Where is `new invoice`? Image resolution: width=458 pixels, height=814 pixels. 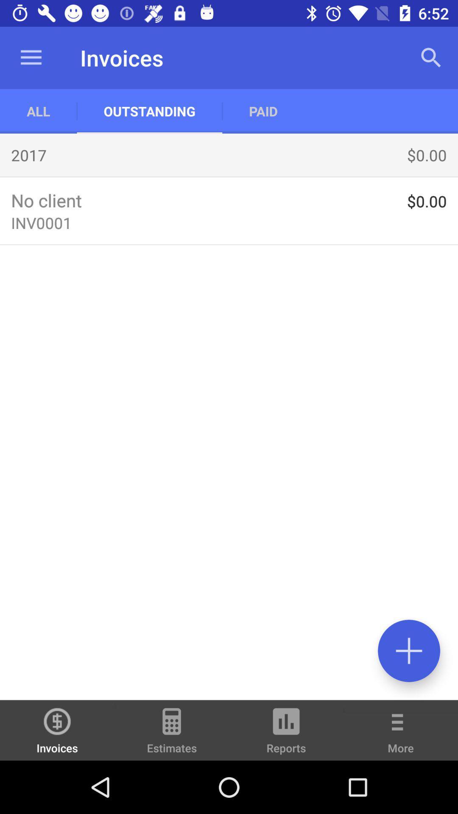
new invoice is located at coordinates (408, 650).